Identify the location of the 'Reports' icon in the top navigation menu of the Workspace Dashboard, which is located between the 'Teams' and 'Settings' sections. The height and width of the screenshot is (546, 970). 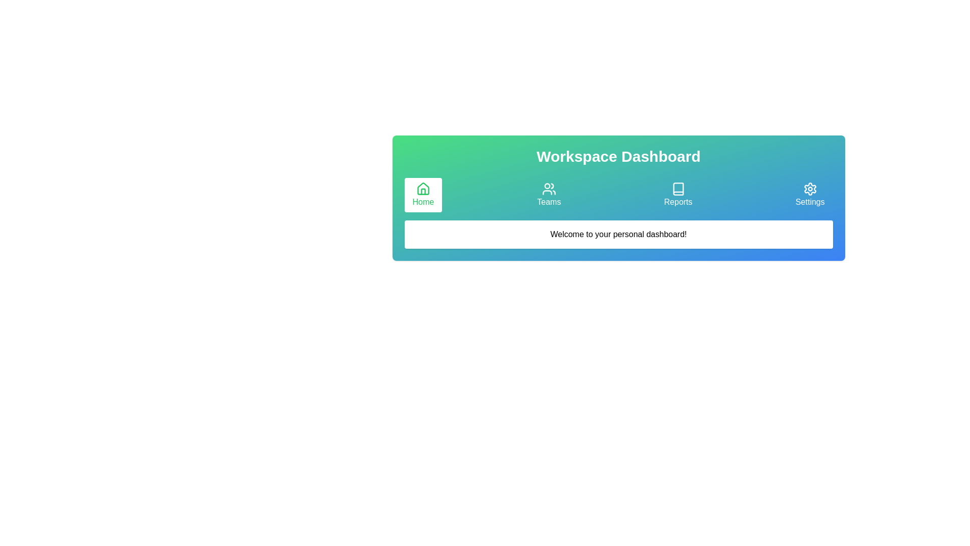
(678, 189).